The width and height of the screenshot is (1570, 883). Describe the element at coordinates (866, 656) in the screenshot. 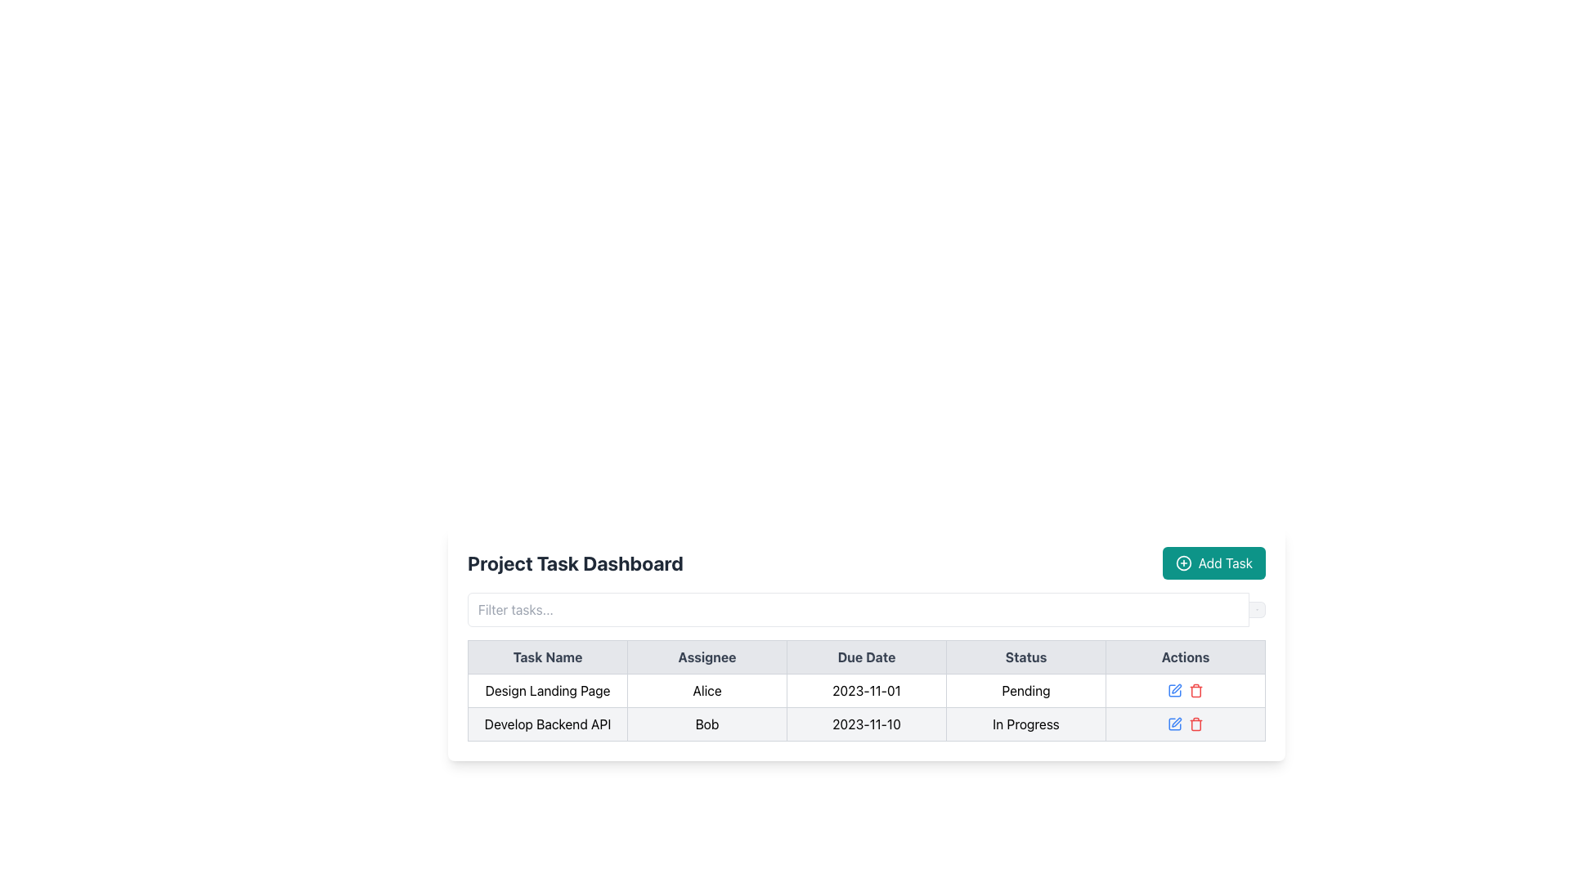

I see `the table header row that contains the columns 'Task Name', 'Assignee', 'Due Date', 'Status', and 'Actions', which is located at the top of the table with a gray background and black text` at that location.